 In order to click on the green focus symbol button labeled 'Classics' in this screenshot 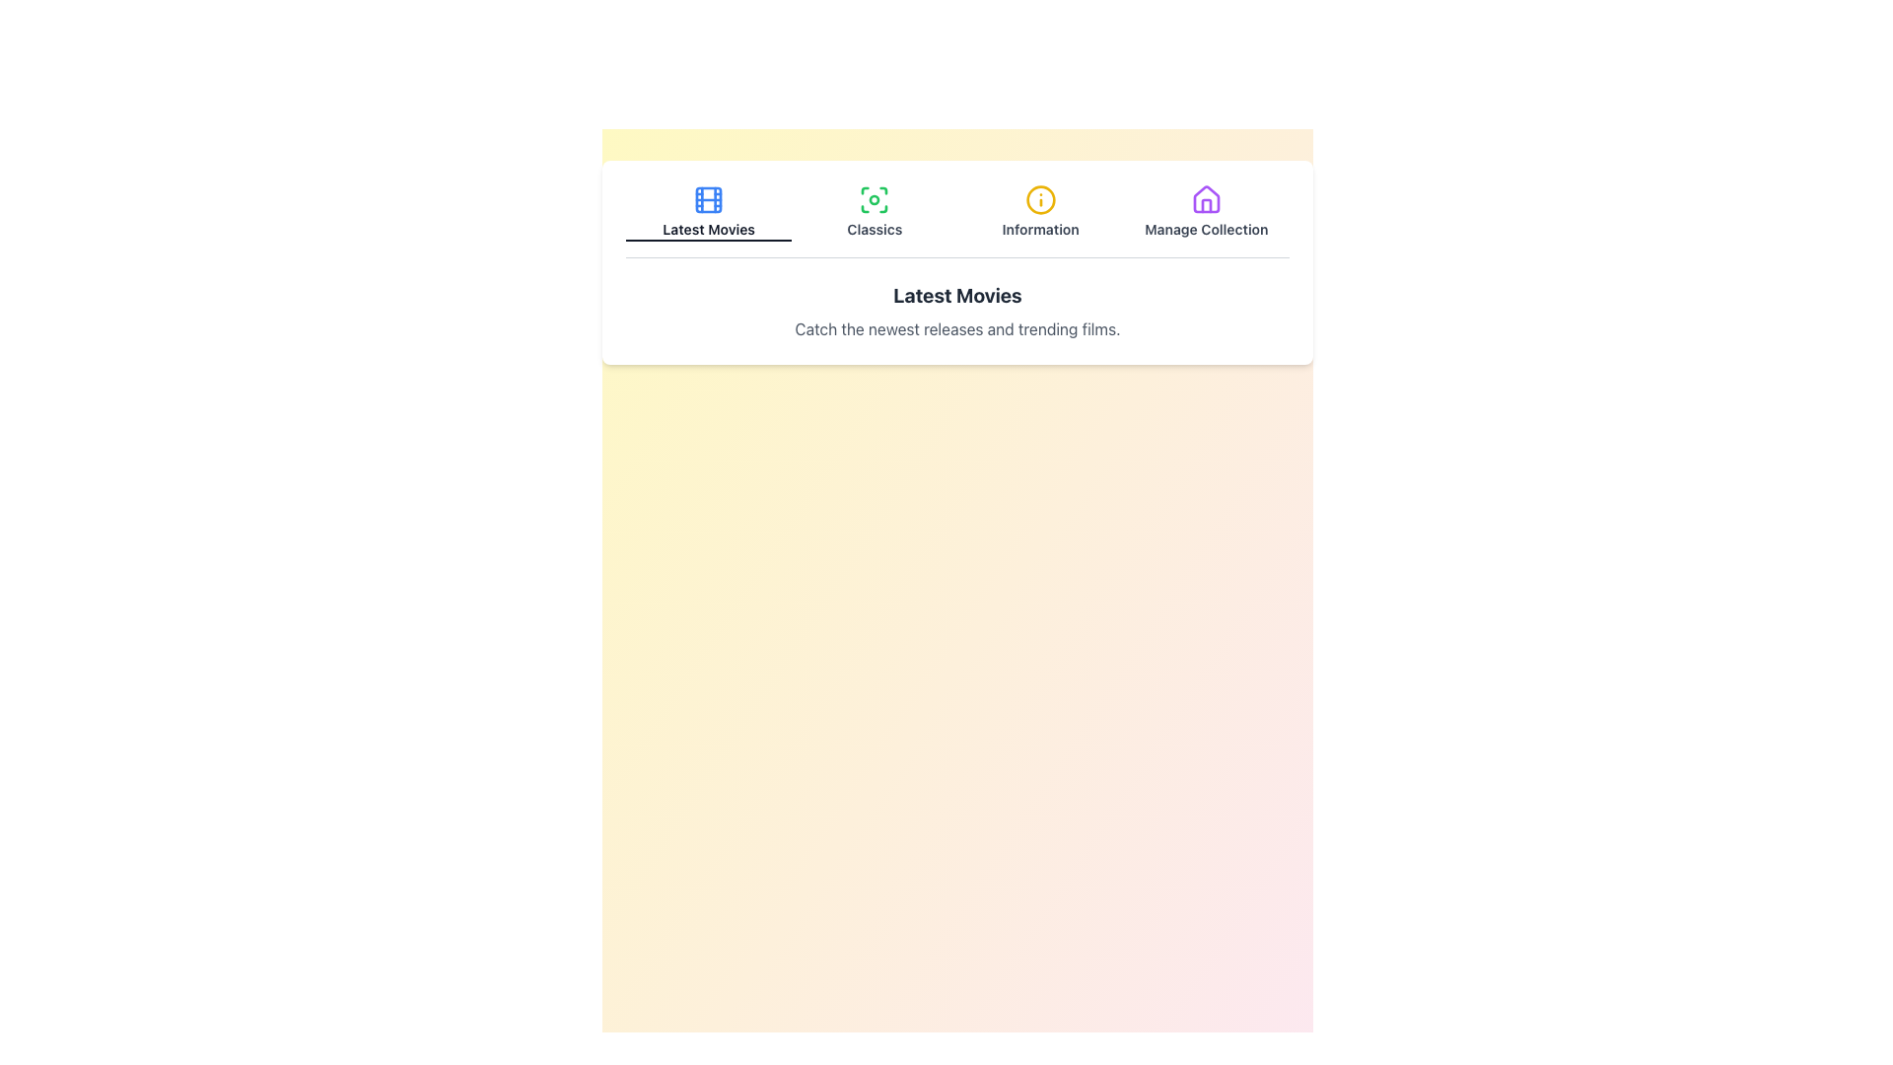, I will do `click(874, 213)`.